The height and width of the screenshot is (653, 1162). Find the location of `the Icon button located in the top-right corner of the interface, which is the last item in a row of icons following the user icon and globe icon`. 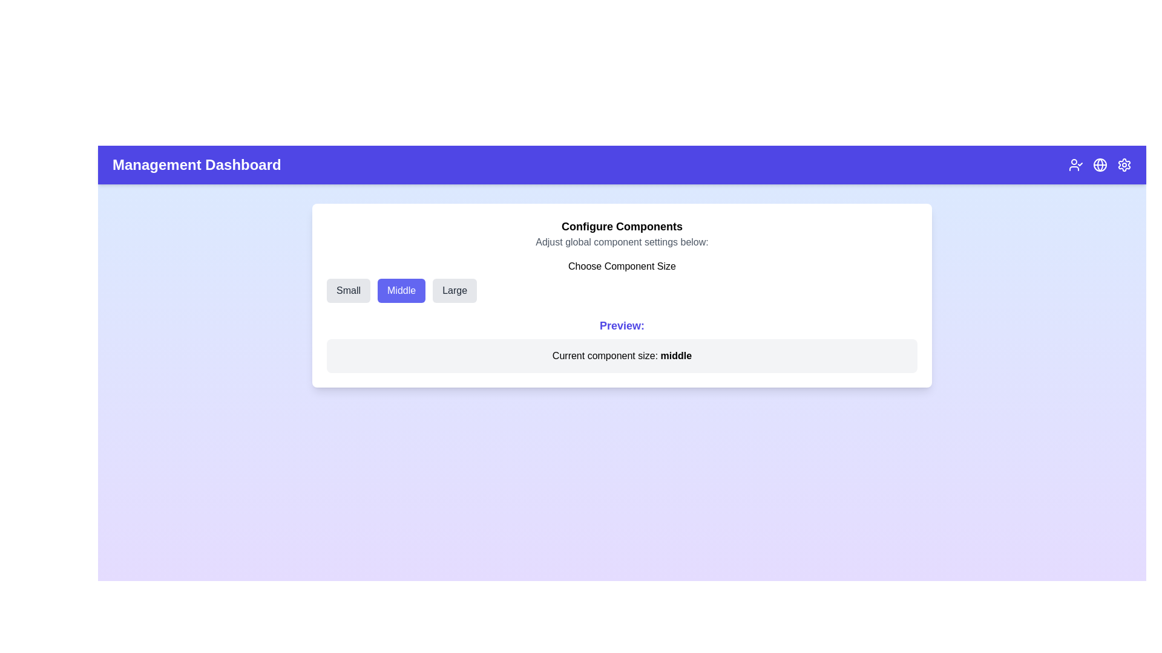

the Icon button located in the top-right corner of the interface, which is the last item in a row of icons following the user icon and globe icon is located at coordinates (1123, 165).